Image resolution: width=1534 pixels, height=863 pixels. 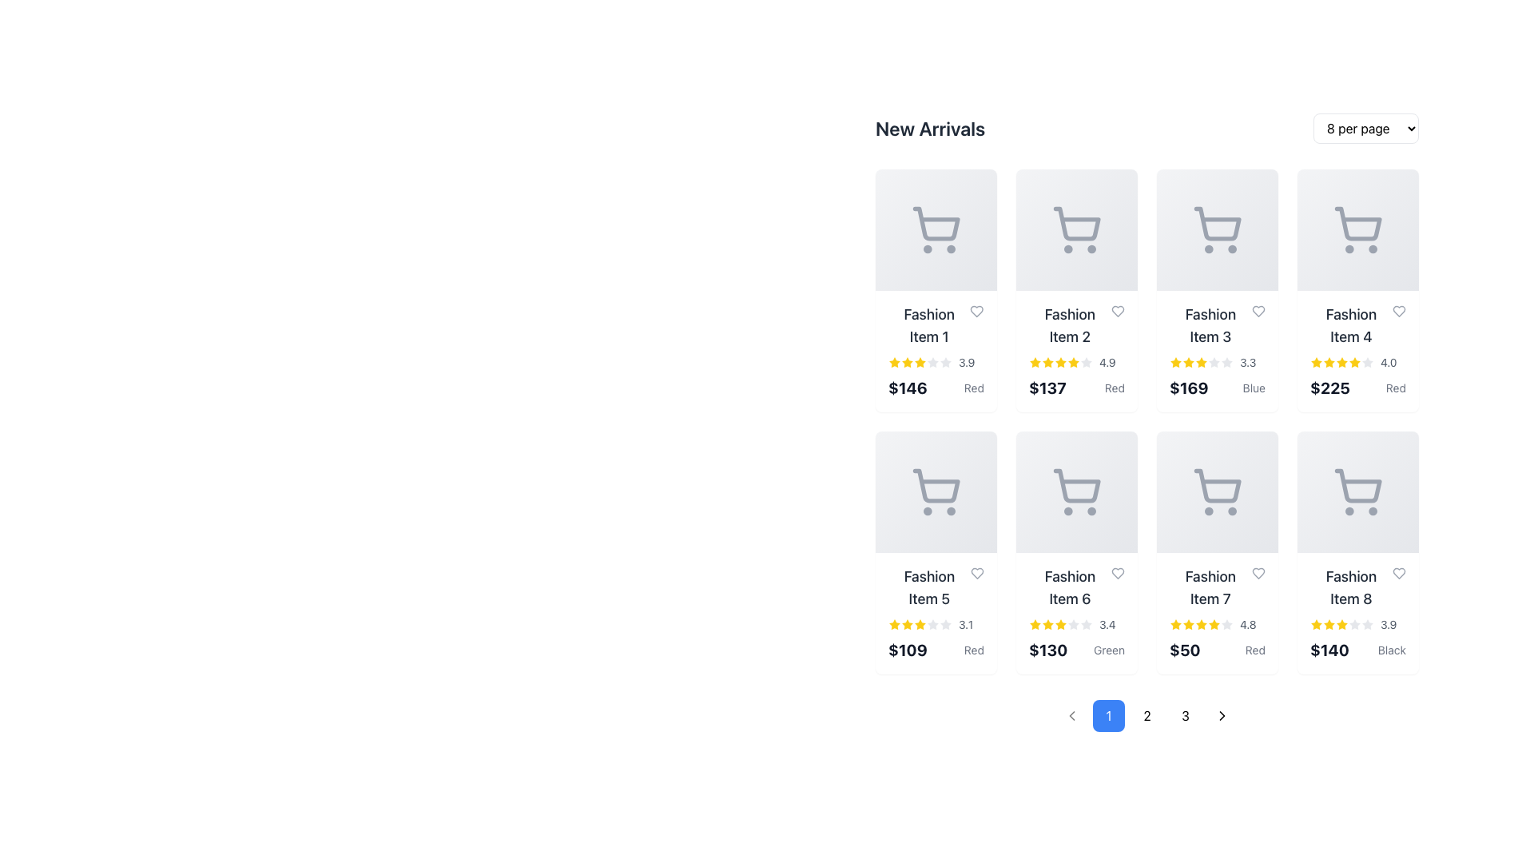 What do you see at coordinates (936, 624) in the screenshot?
I see `the Rating component for 'Fashion Item 5' located in the second column of the second row in the 'New Arrivals' section` at bounding box center [936, 624].